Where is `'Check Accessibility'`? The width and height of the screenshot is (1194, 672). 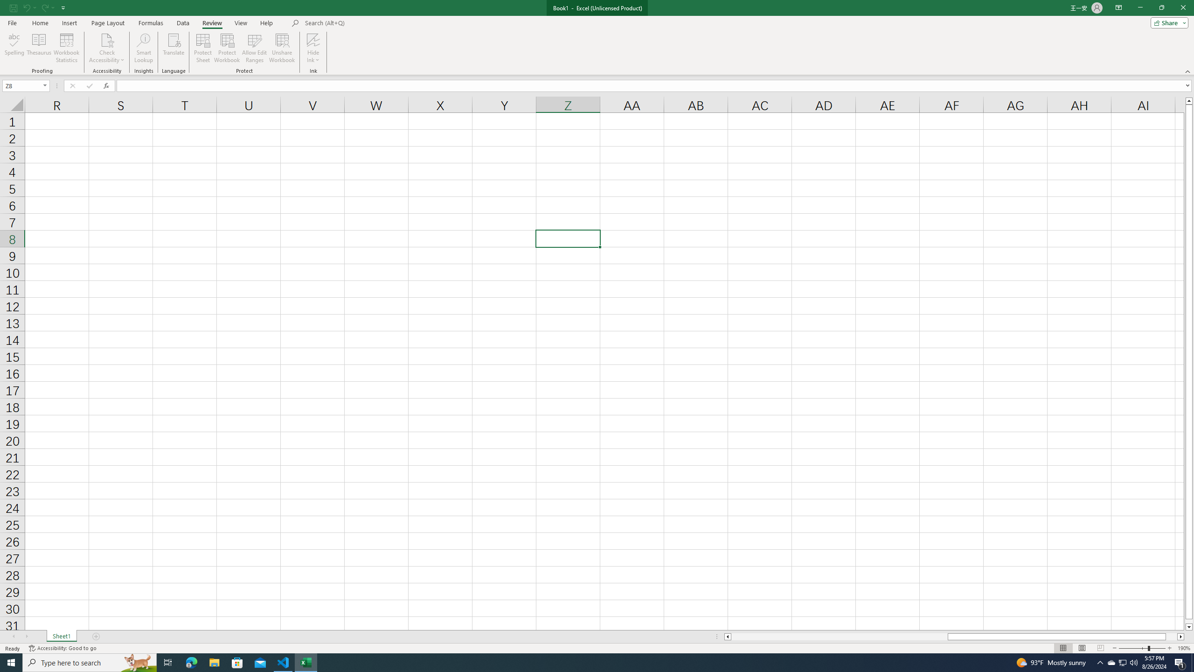 'Check Accessibility' is located at coordinates (106, 39).